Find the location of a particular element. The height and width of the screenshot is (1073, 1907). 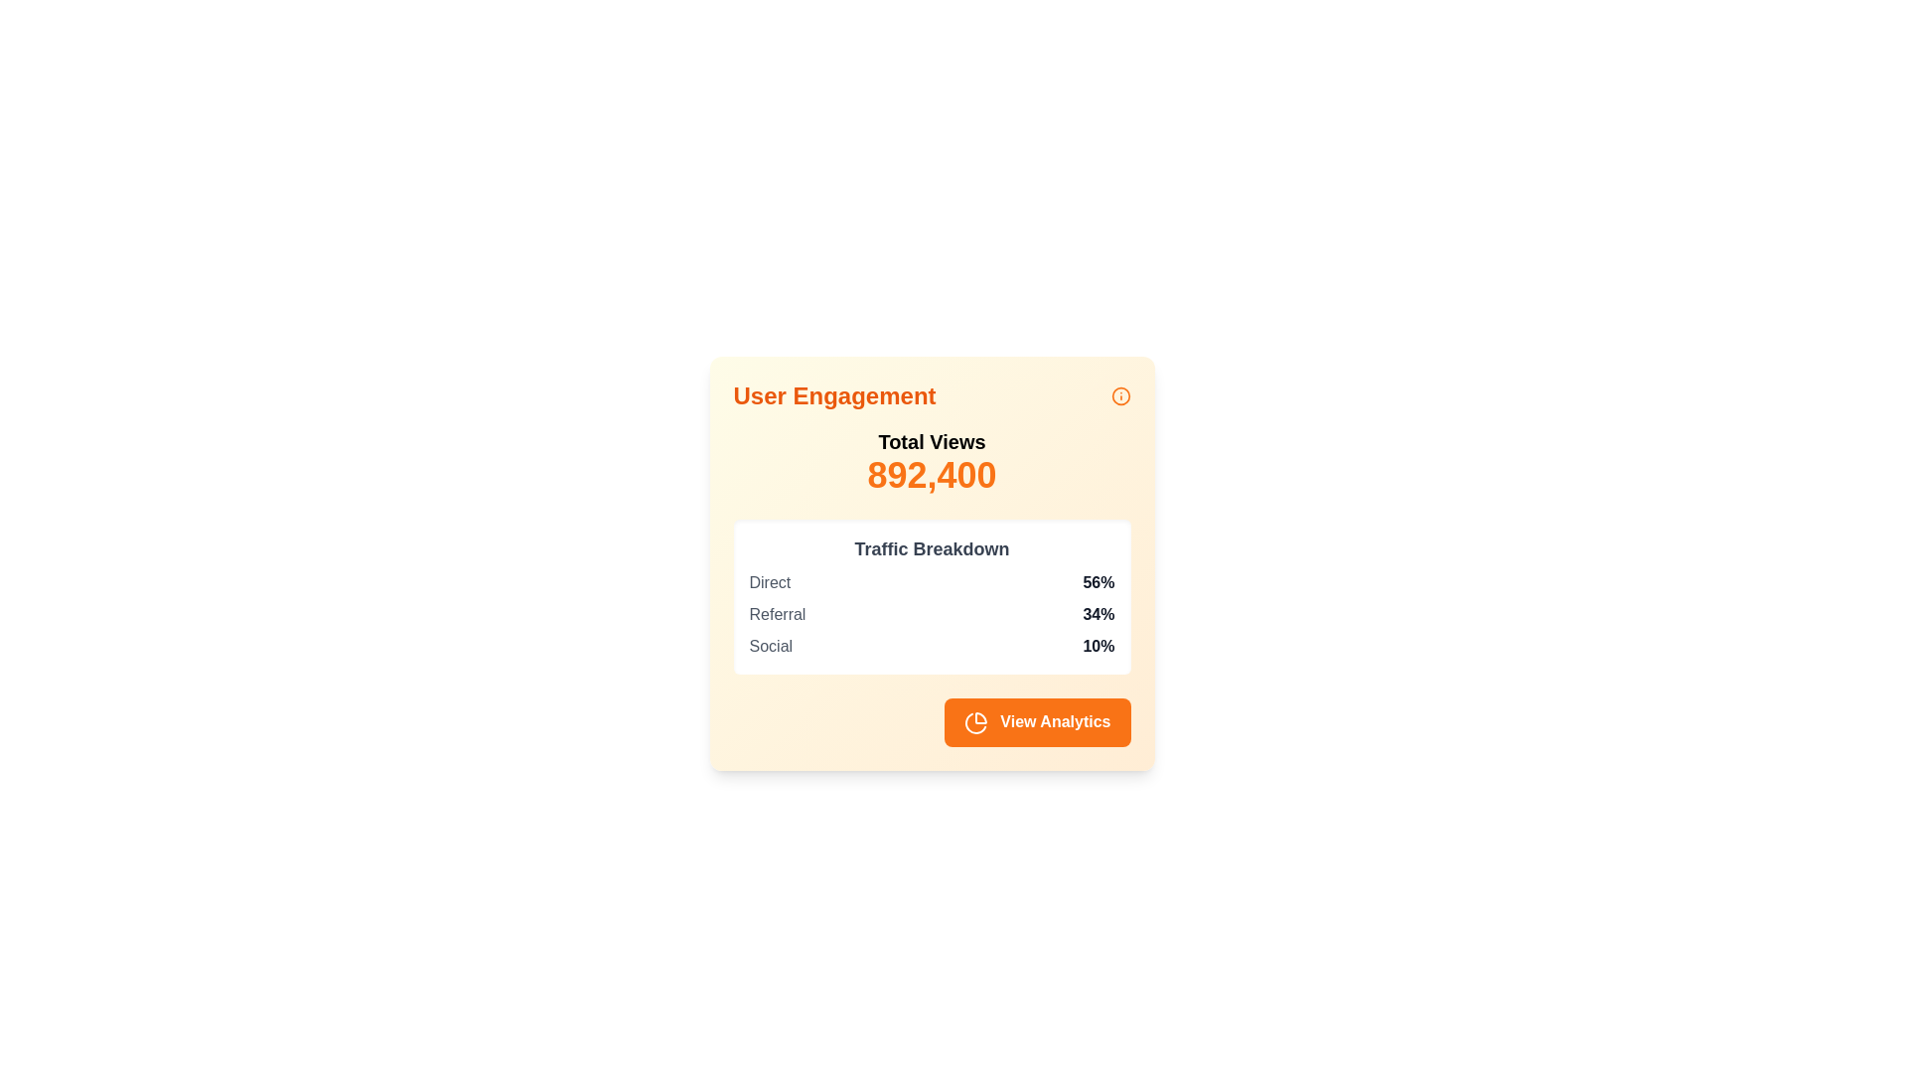

information displayed in the Statistics Panel titled 'Traffic Breakdown', which includes categories and their corresponding percentages: 'Direct 56%', 'Referral 34%', and 'Social 10%.' is located at coordinates (931, 596).